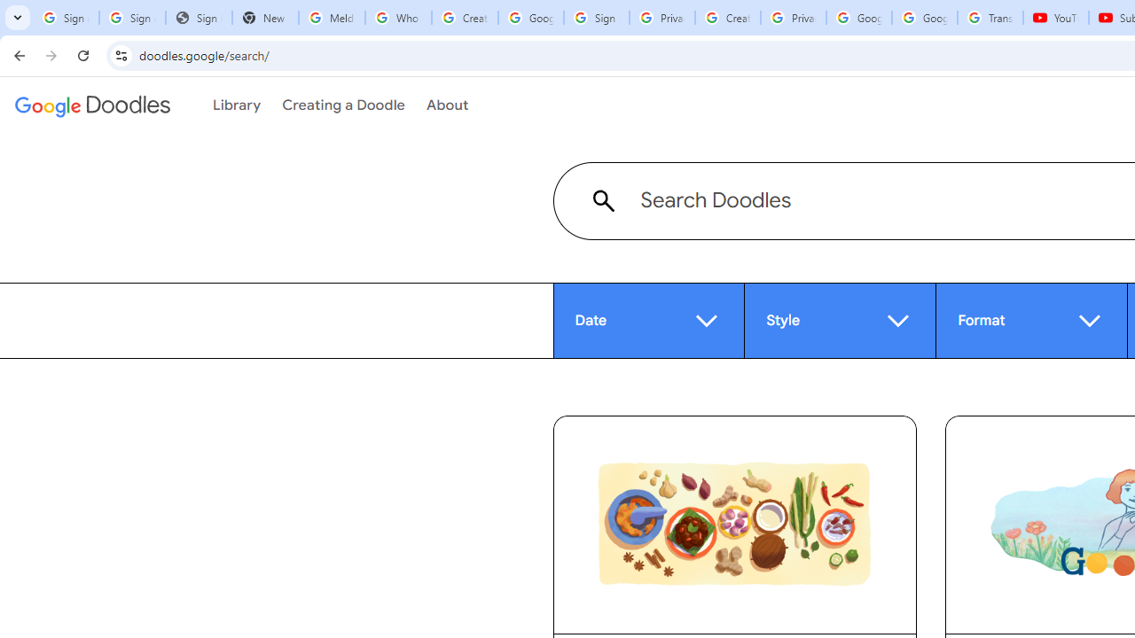 Image resolution: width=1135 pixels, height=638 pixels. I want to click on 'Format', so click(1031, 320).